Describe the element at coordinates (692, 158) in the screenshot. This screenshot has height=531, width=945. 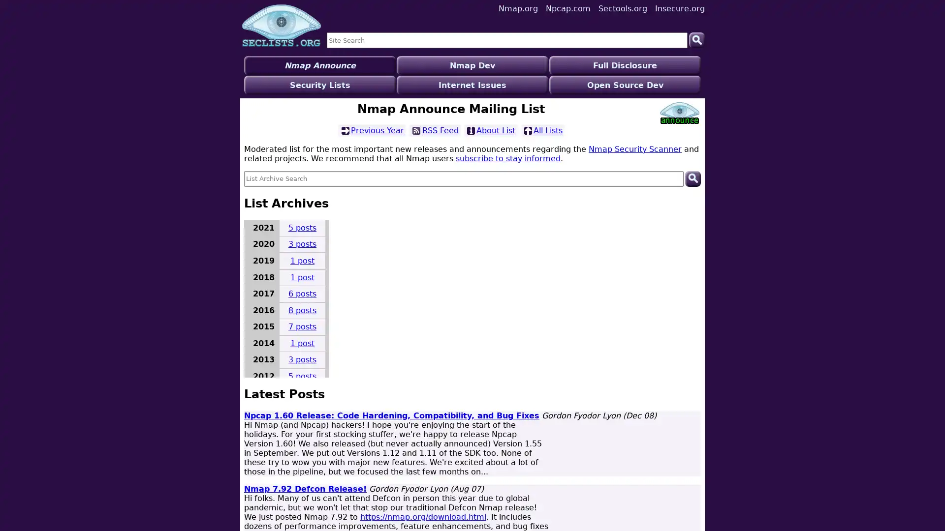
I see `Search` at that location.